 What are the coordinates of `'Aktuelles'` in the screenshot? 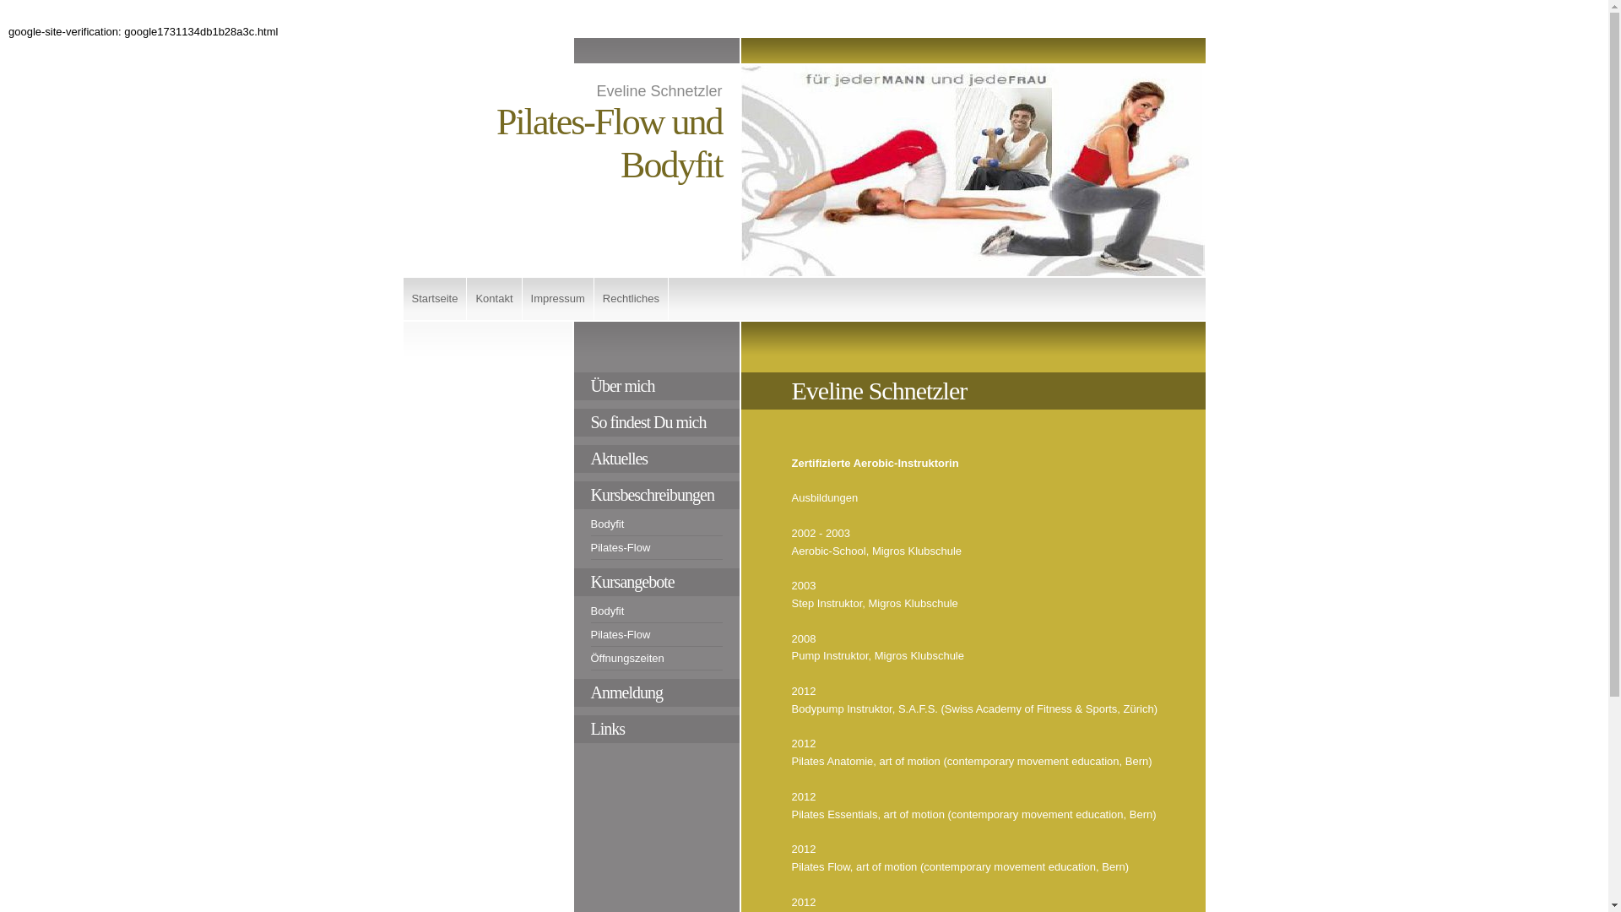 It's located at (655, 459).